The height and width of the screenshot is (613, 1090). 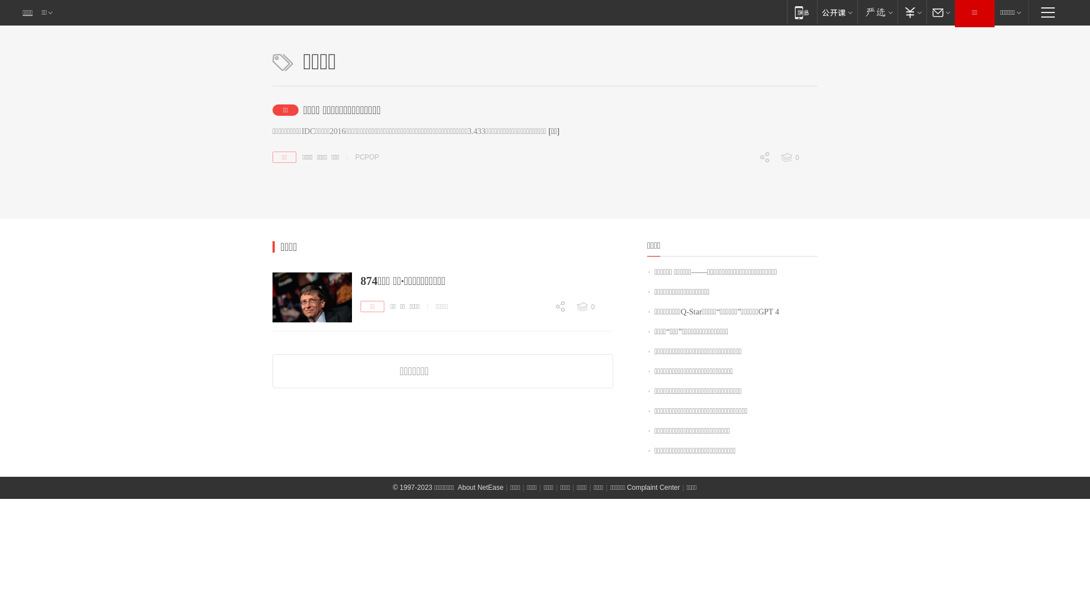 What do you see at coordinates (536, 366) in the screenshot?
I see `'0'` at bounding box center [536, 366].